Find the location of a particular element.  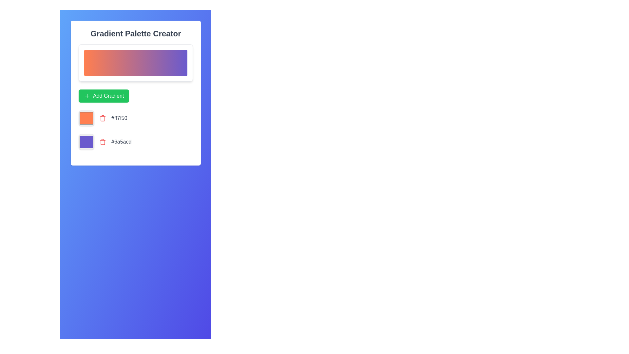

the first color swatch in the gradient palette is located at coordinates (86, 118).